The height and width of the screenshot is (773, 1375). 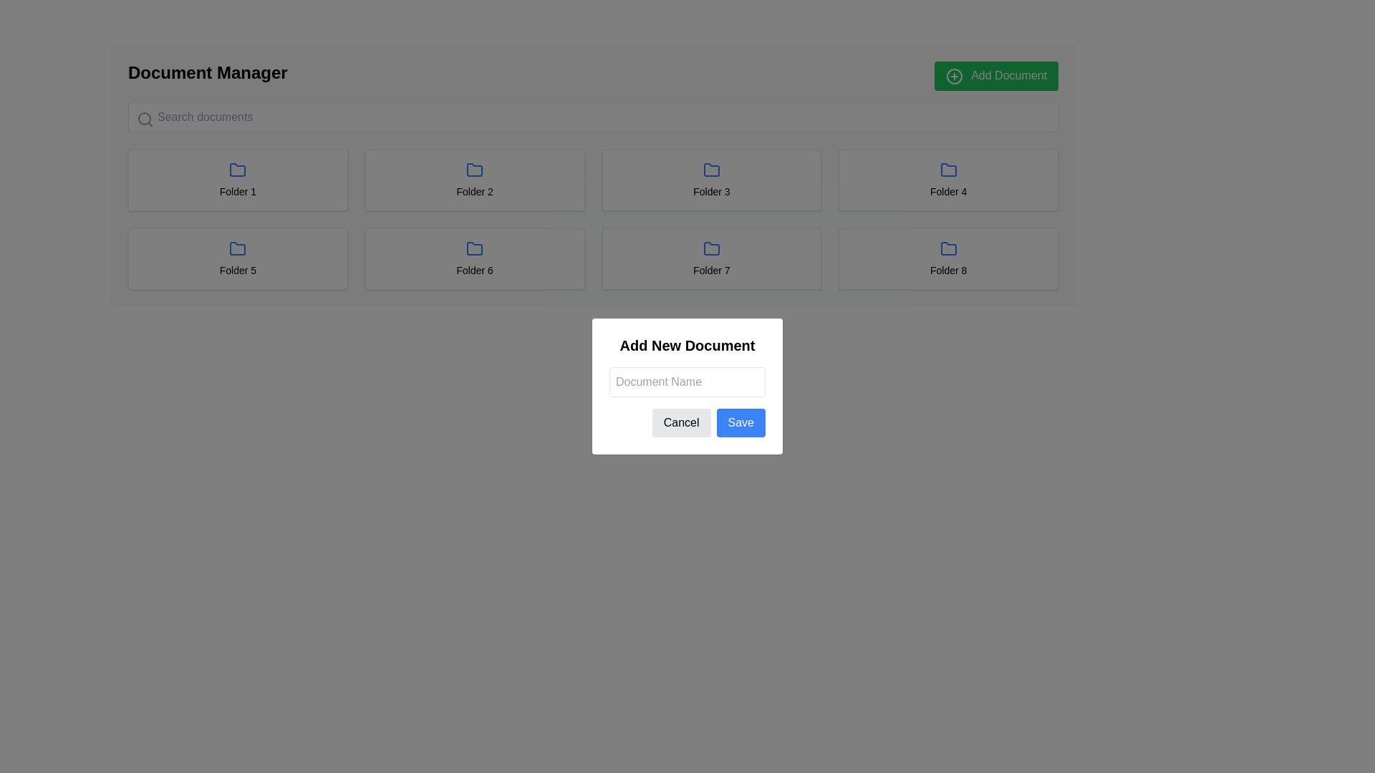 What do you see at coordinates (948, 248) in the screenshot?
I see `the folder icon labeled 'Folder 8'` at bounding box center [948, 248].